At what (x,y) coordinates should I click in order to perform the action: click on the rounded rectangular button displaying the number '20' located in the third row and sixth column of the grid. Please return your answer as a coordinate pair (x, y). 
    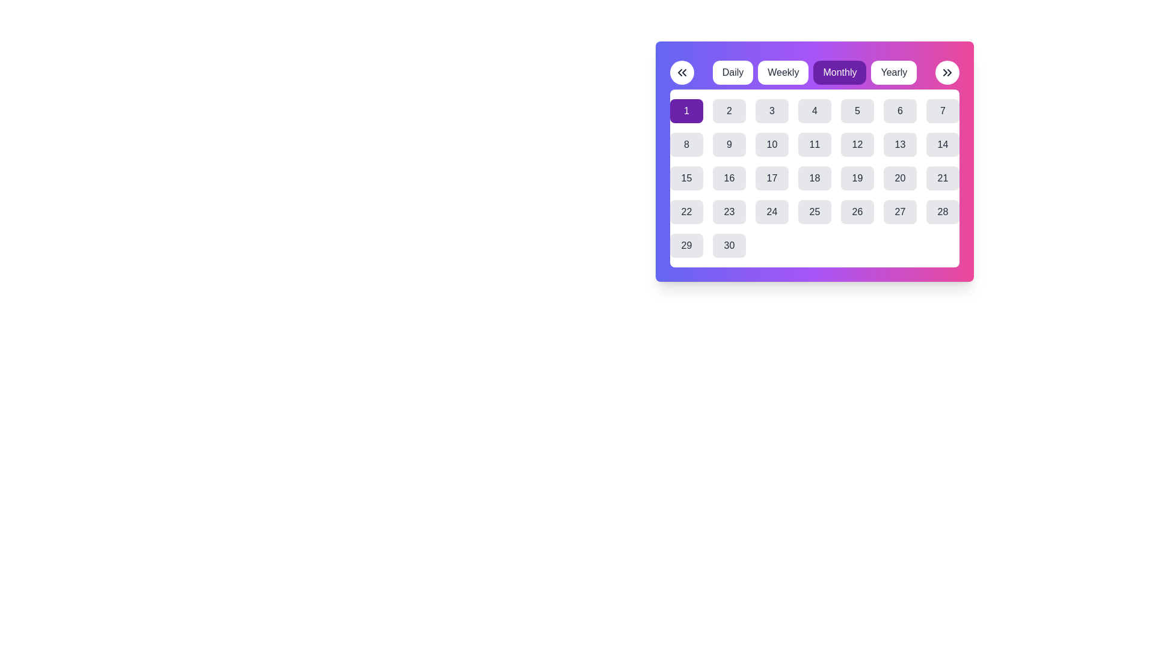
    Looking at the image, I should click on (900, 178).